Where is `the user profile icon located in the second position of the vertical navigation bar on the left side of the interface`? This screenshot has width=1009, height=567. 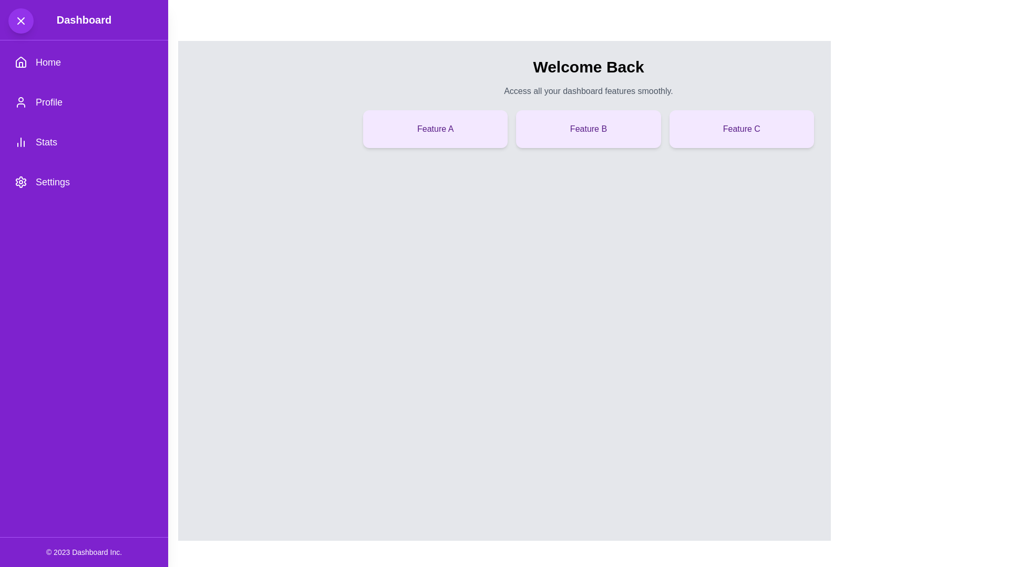 the user profile icon located in the second position of the vertical navigation bar on the left side of the interface is located at coordinates (20, 102).